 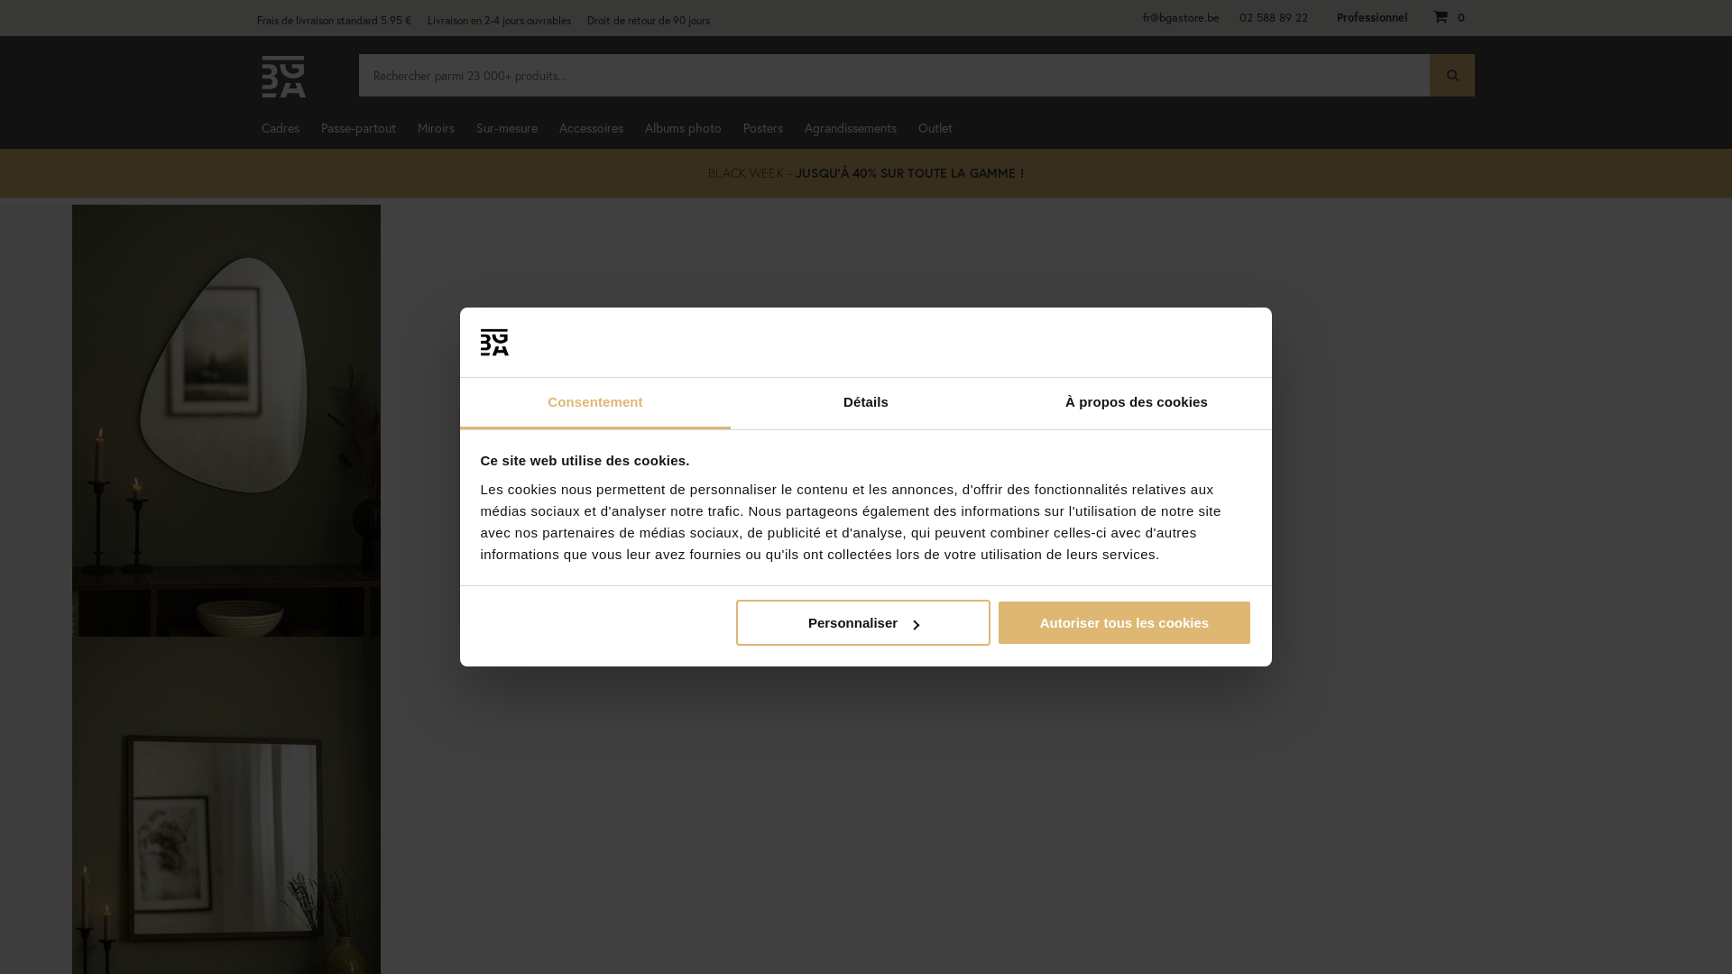 What do you see at coordinates (1123, 621) in the screenshot?
I see `'Autoriser tous les cookies'` at bounding box center [1123, 621].